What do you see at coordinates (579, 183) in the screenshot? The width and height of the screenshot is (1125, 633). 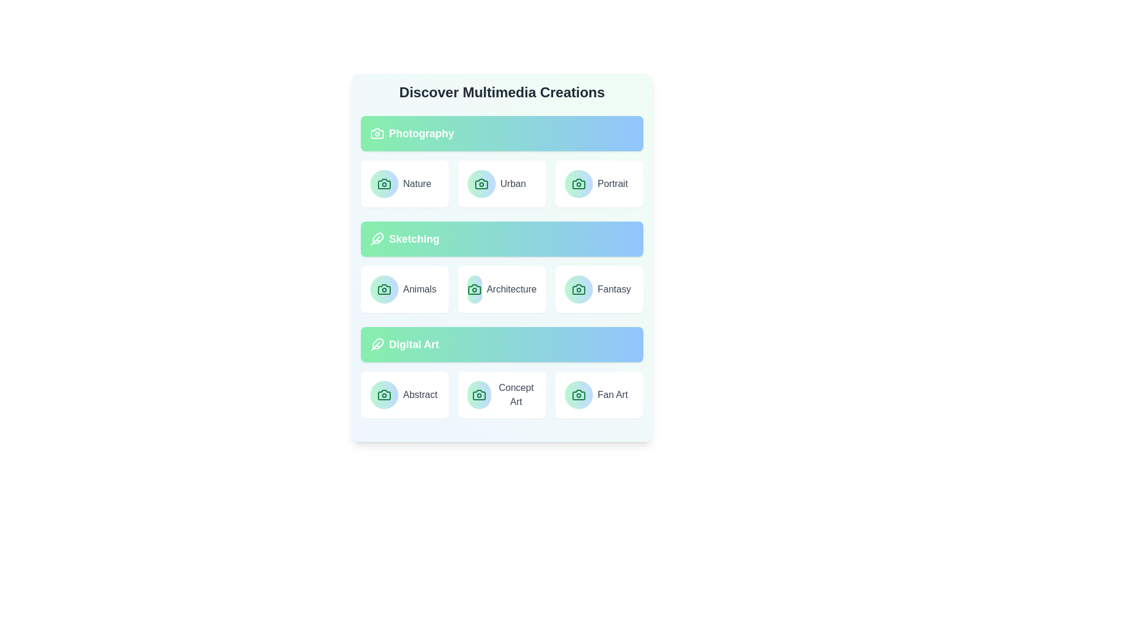 I see `the icon associated with the Portrait category` at bounding box center [579, 183].